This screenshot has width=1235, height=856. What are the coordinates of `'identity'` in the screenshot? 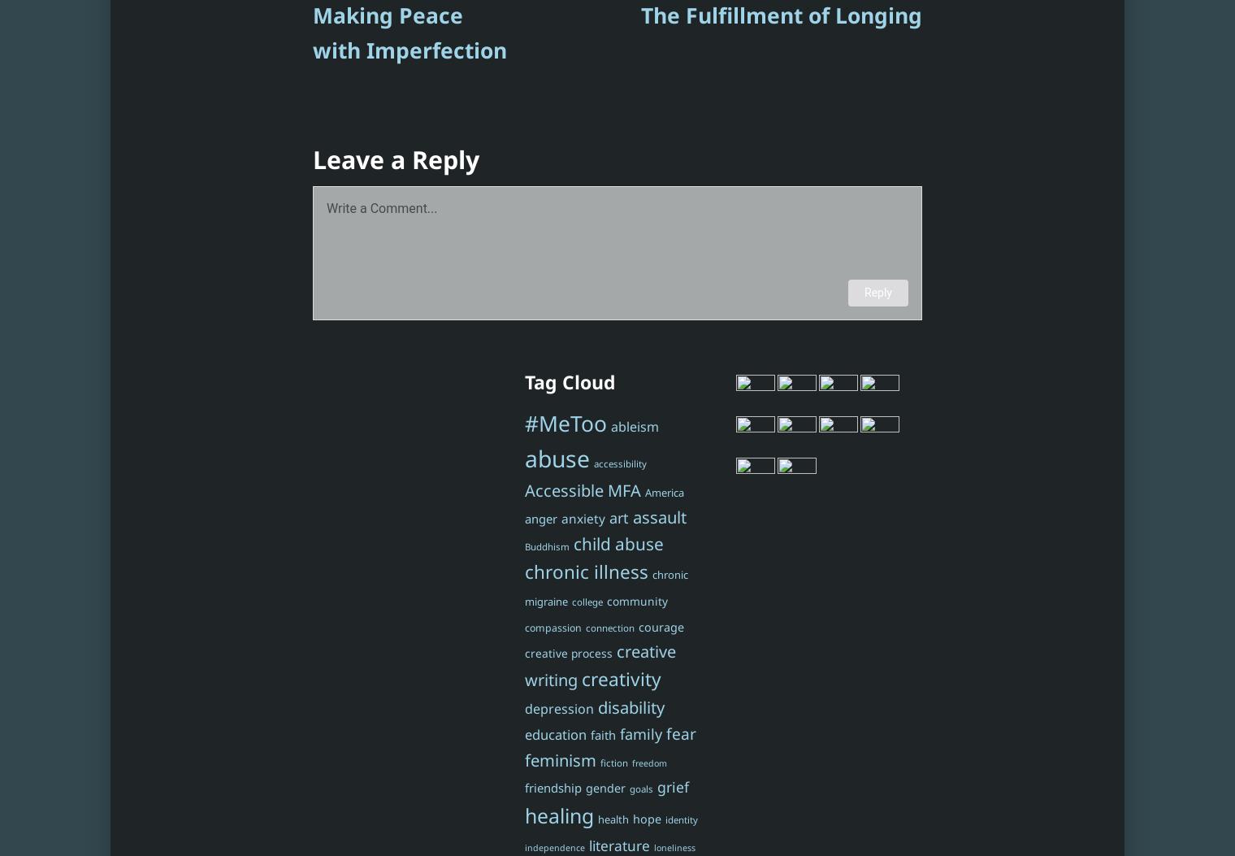 It's located at (679, 819).